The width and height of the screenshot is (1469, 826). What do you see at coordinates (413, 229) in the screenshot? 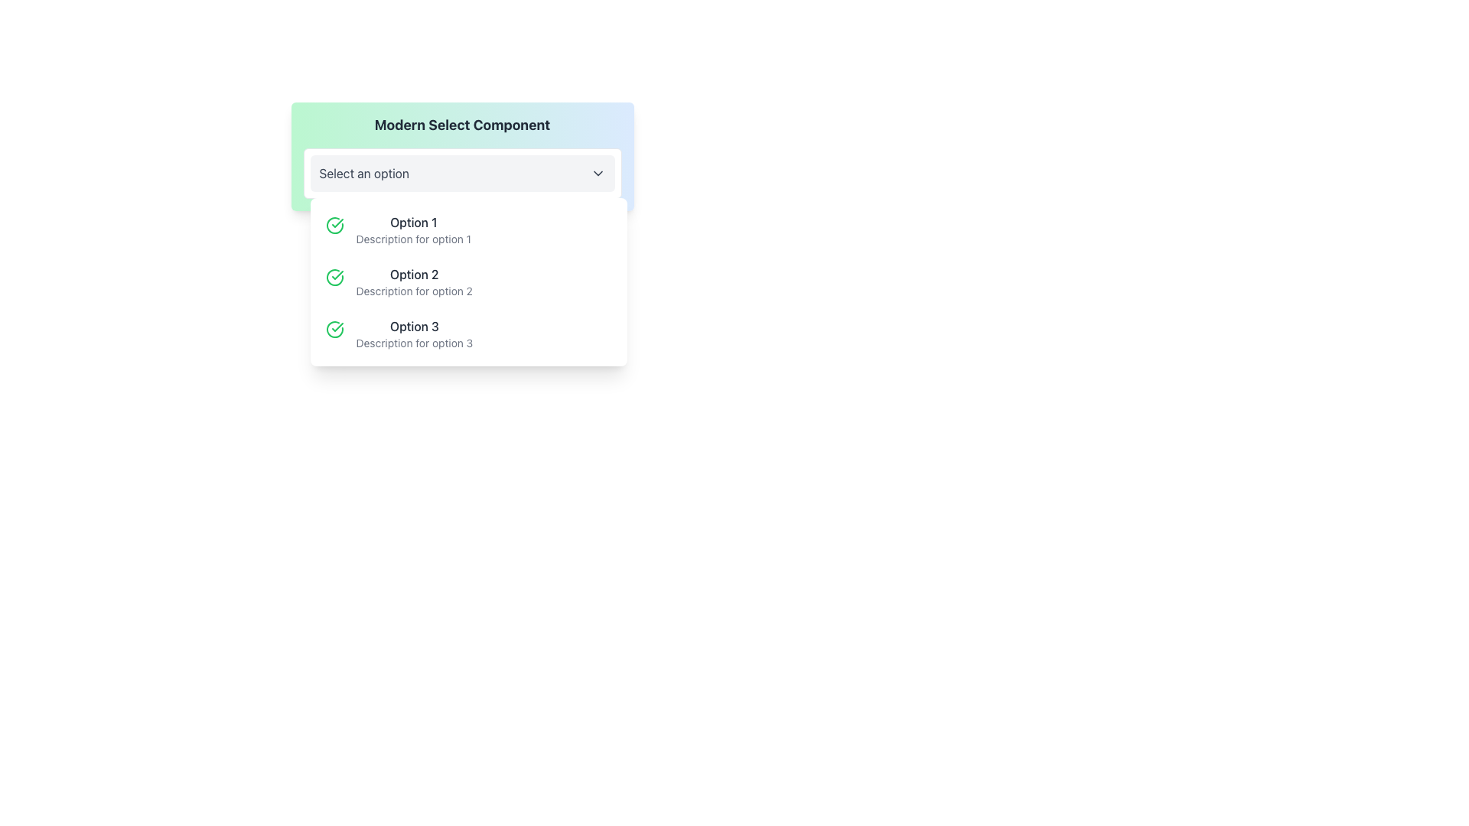
I see `to select the 'Option 1' in the dropdown list, which has a description underneath it` at bounding box center [413, 229].